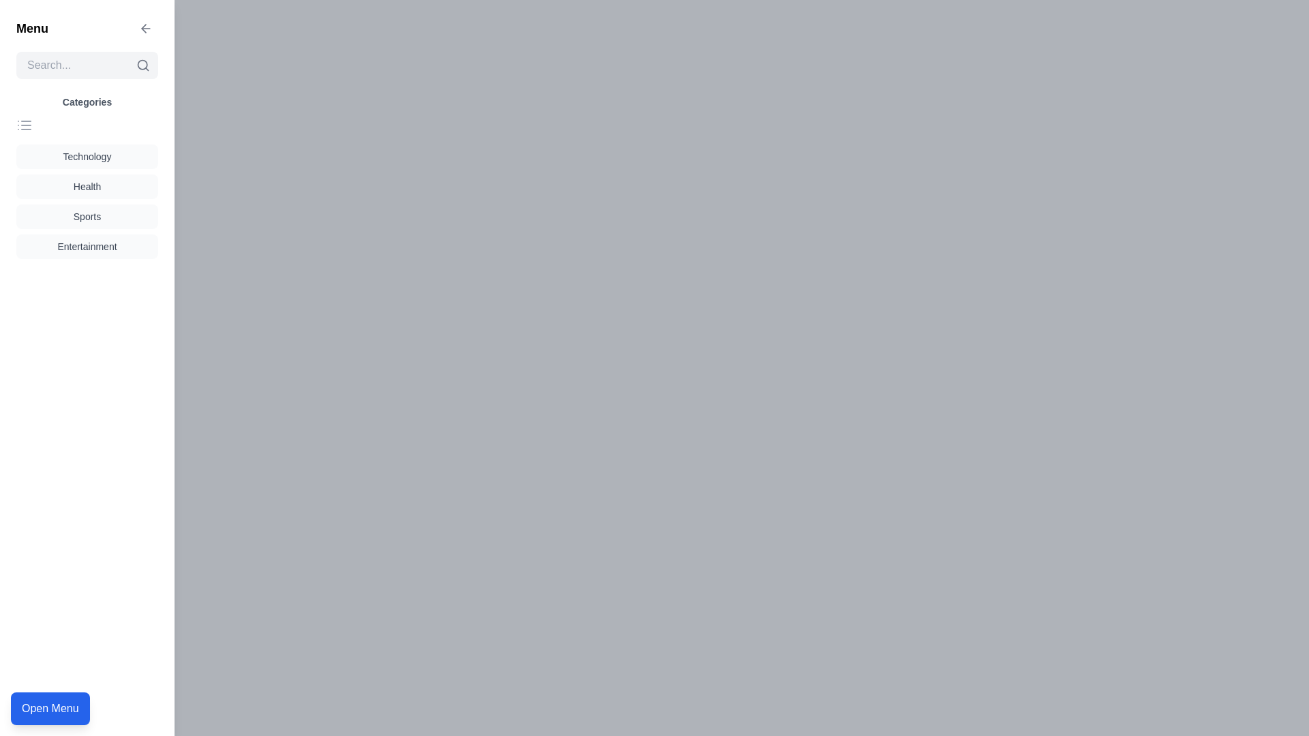  Describe the element at coordinates (87, 102) in the screenshot. I see `the 'Categories' heading text label, which displays the title in a bold, gray font and is positioned at the top of the list or section` at that location.